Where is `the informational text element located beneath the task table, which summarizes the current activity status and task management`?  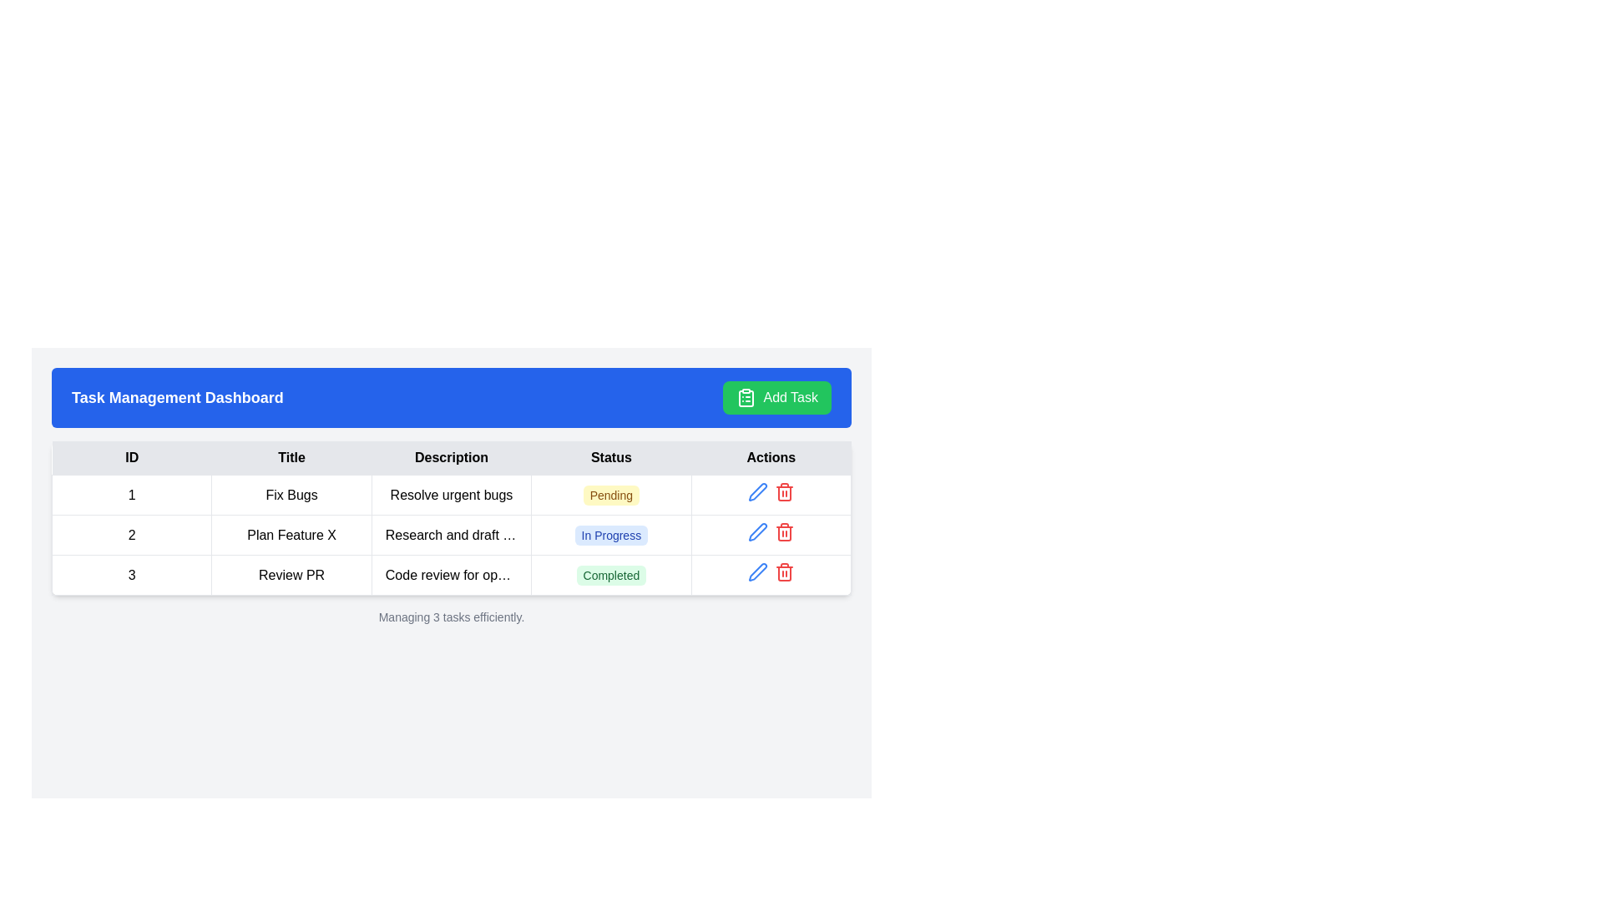 the informational text element located beneath the task table, which summarizes the current activity status and task management is located at coordinates (452, 617).